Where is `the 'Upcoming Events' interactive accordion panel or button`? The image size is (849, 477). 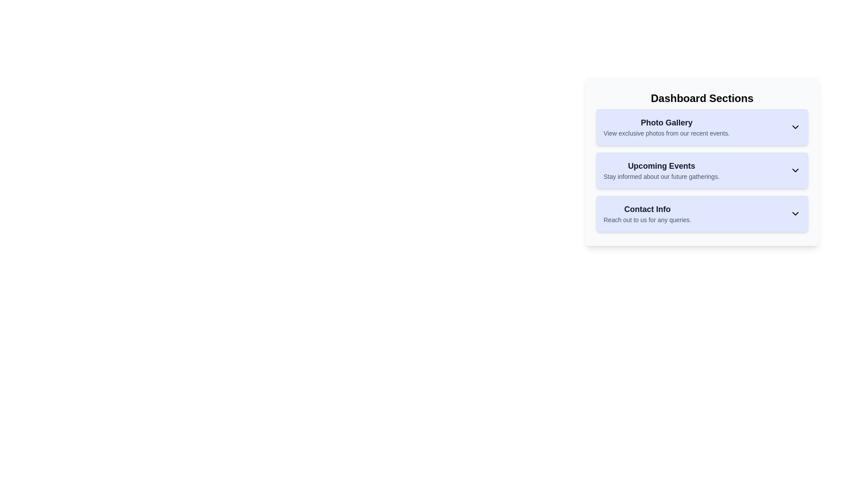
the 'Upcoming Events' interactive accordion panel or button is located at coordinates (702, 170).